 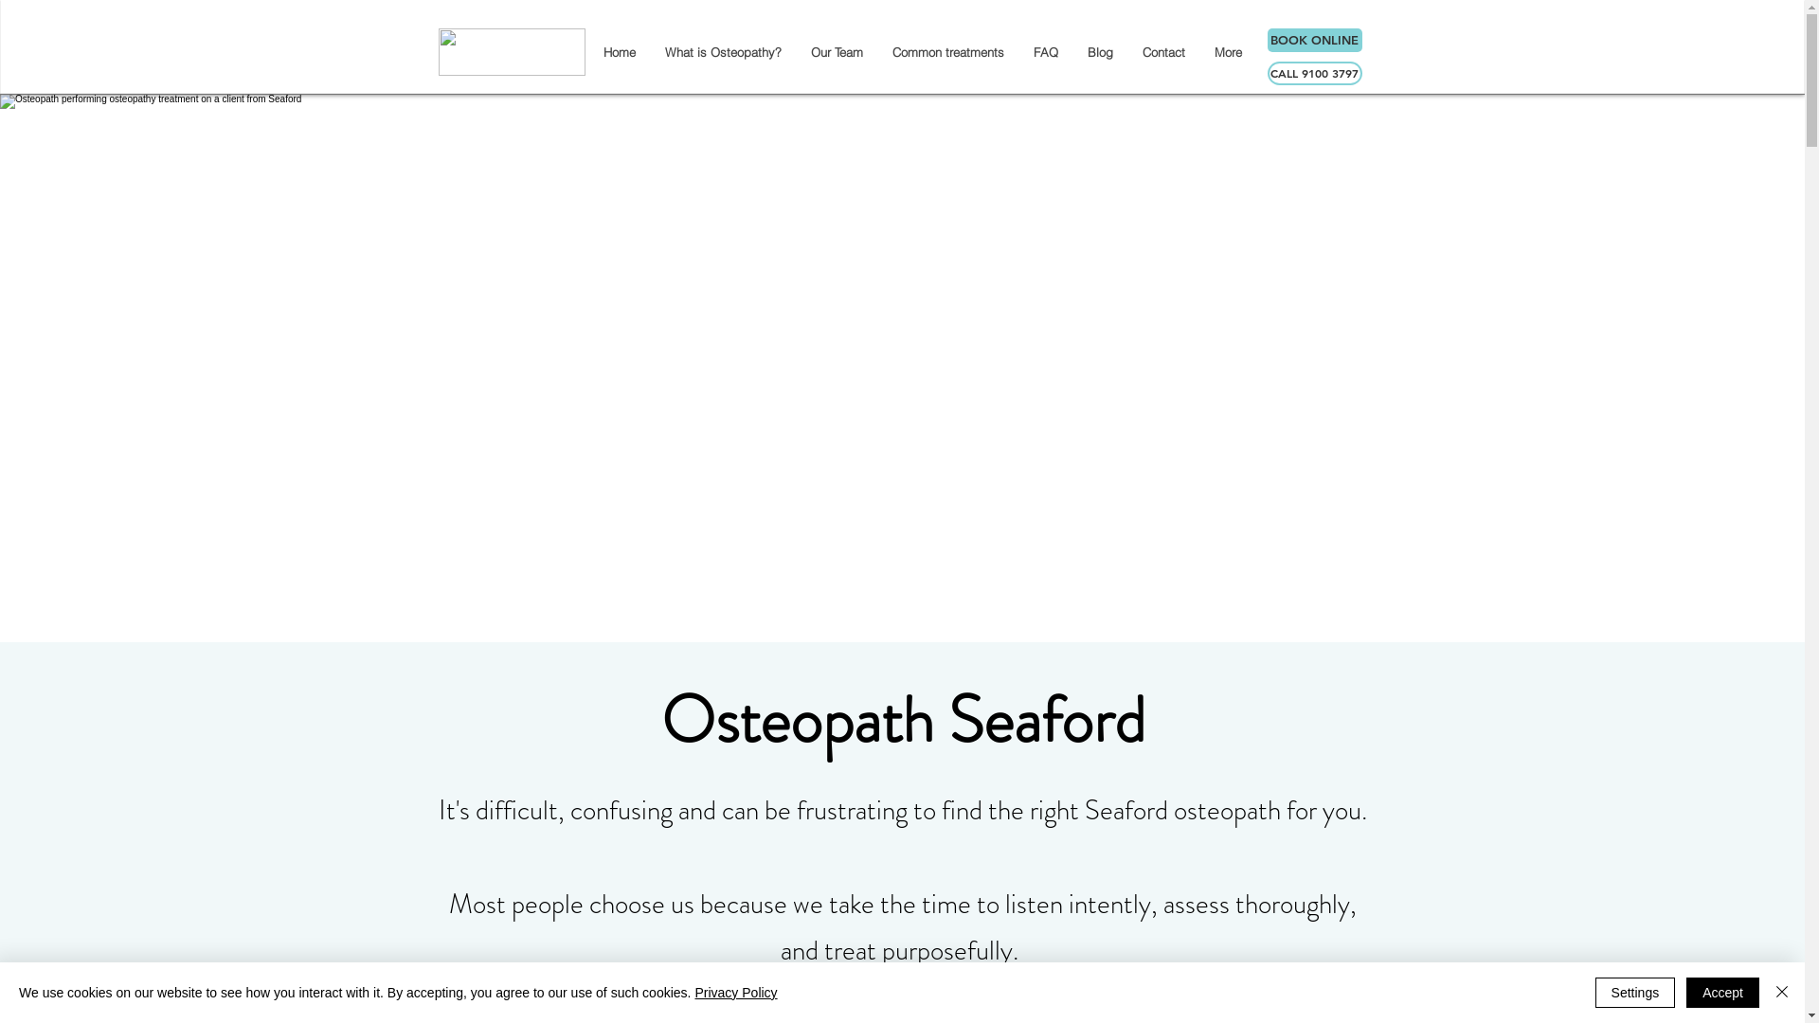 What do you see at coordinates (1722, 992) in the screenshot?
I see `'Accept'` at bounding box center [1722, 992].